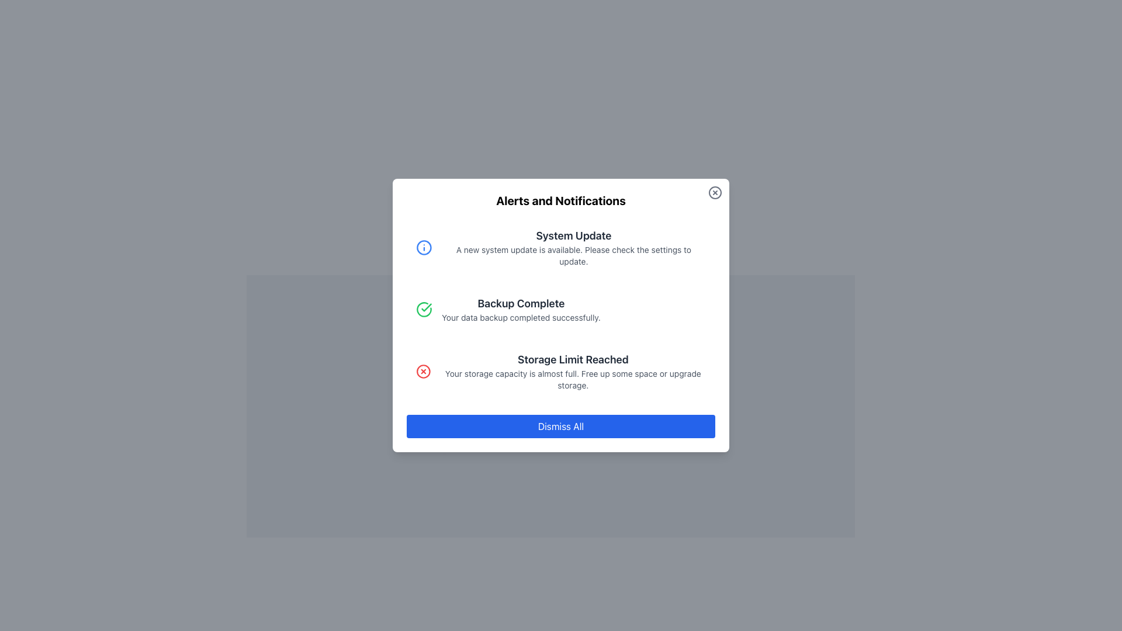  What do you see at coordinates (423, 247) in the screenshot?
I see `the circular blue icon with an 'i' symbol, which represents an information marker, located to the left of the 'System Update' alert box` at bounding box center [423, 247].